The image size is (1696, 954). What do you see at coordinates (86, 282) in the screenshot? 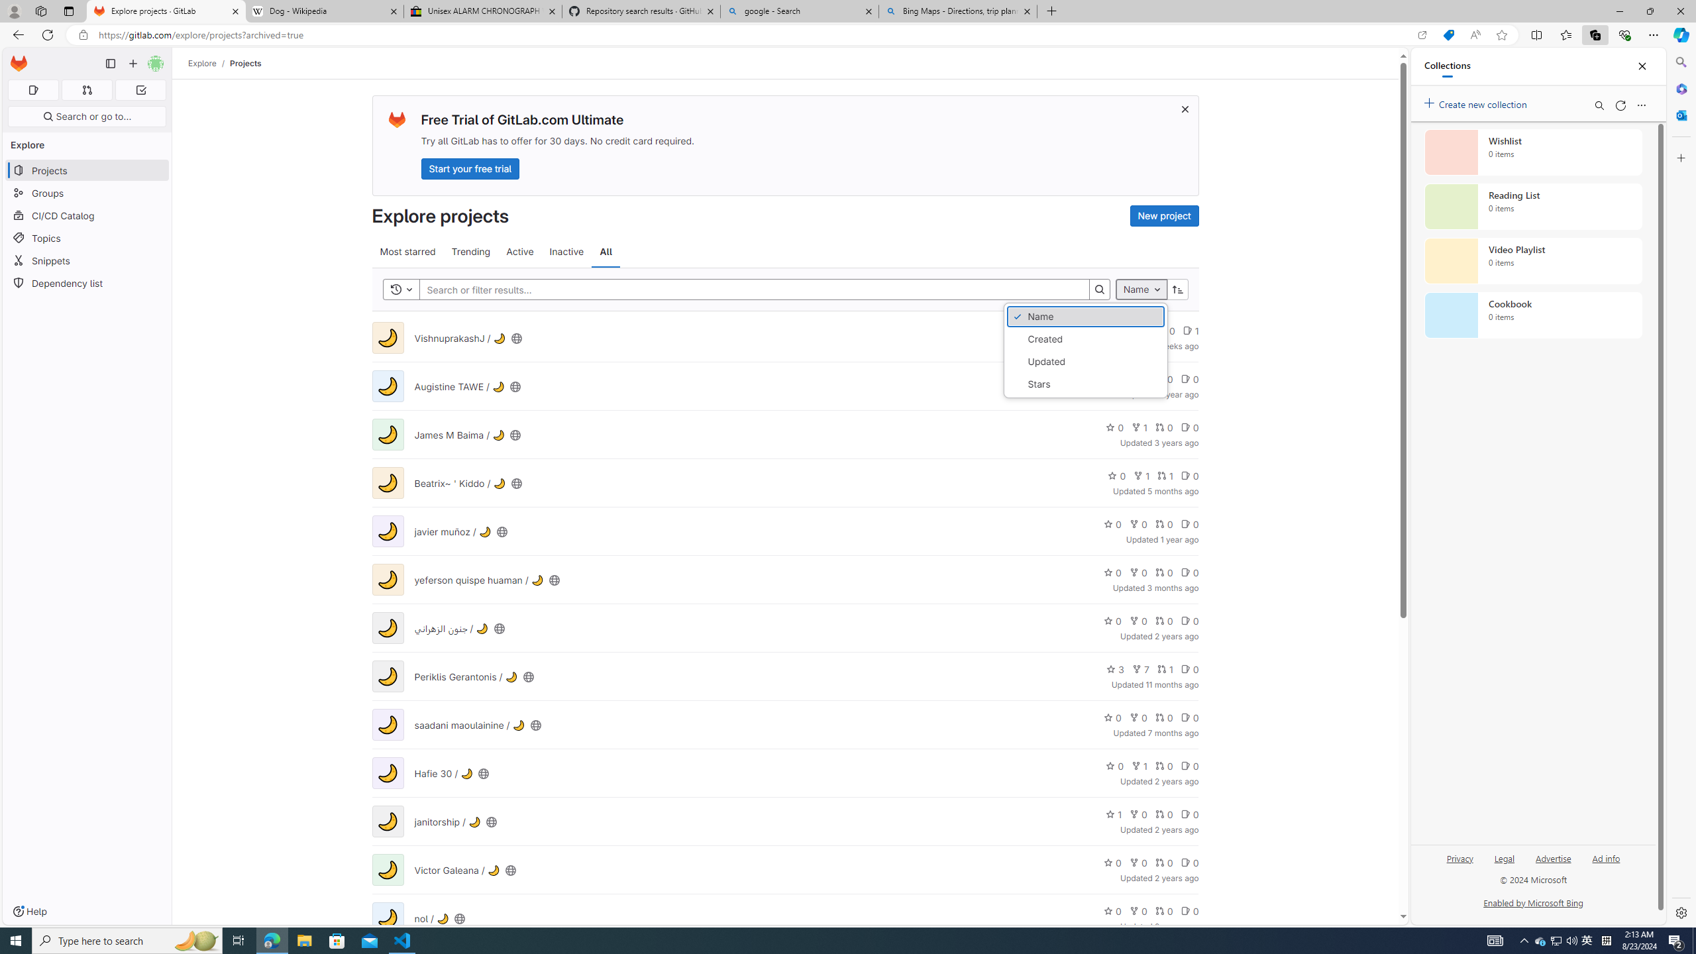
I see `'Dependency list'` at bounding box center [86, 282].